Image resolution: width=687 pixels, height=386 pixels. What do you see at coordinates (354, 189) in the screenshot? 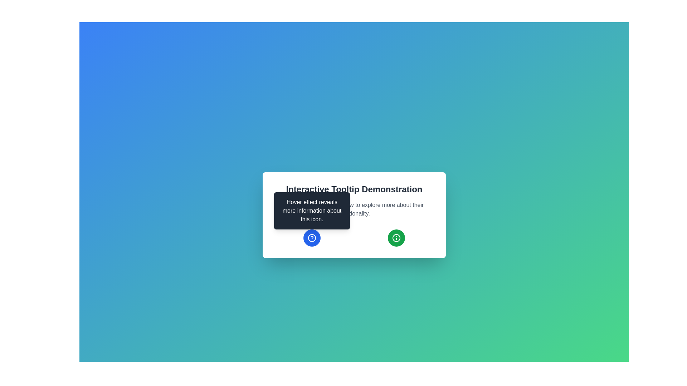
I see `title text that serves as a headline in the centered card layout, positioned above the secondary description and interactive icons` at bounding box center [354, 189].